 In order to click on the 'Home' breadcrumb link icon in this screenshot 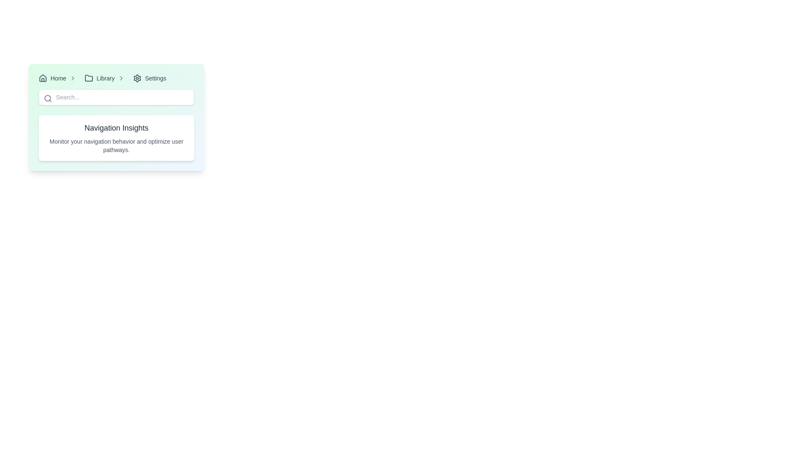, I will do `click(42, 78)`.